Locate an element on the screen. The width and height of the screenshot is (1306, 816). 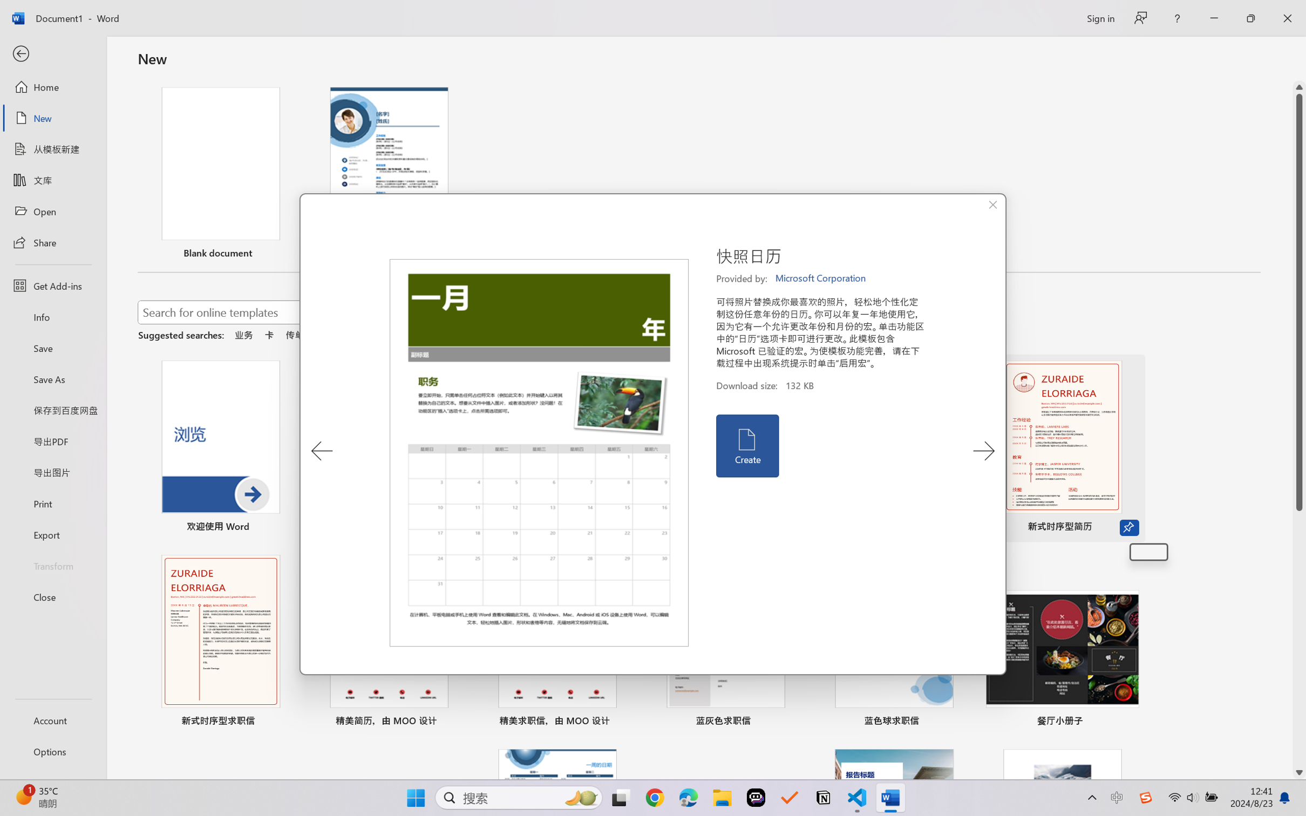
'Back' is located at coordinates (52, 54).